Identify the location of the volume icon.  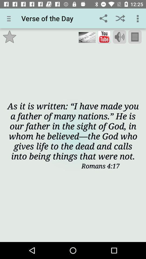
(120, 37).